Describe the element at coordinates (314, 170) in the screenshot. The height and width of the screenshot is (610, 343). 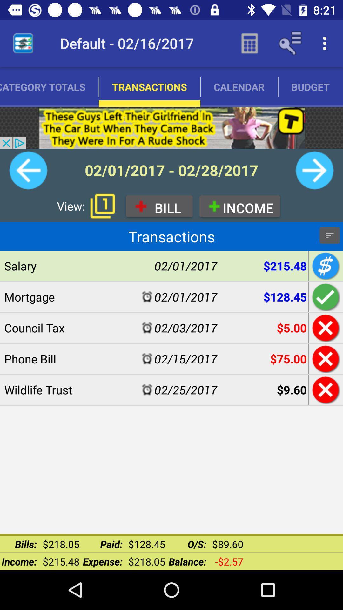
I see `the arrow_forward icon` at that location.